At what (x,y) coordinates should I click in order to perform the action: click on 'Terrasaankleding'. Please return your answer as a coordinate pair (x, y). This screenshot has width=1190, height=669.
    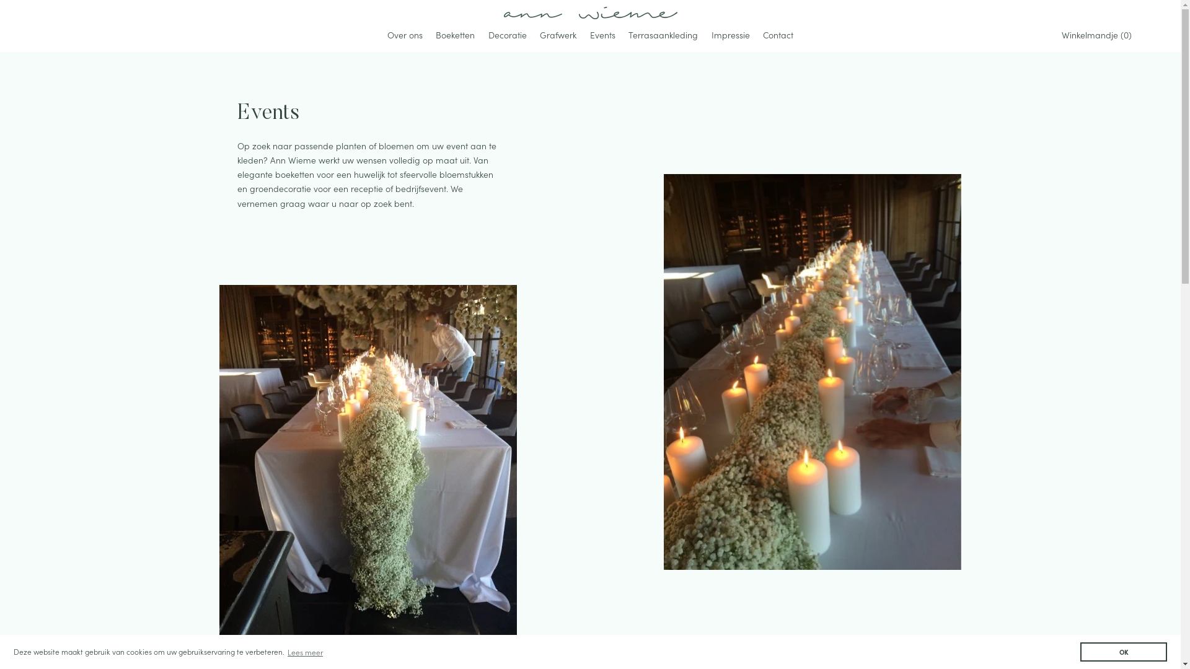
    Looking at the image, I should click on (663, 35).